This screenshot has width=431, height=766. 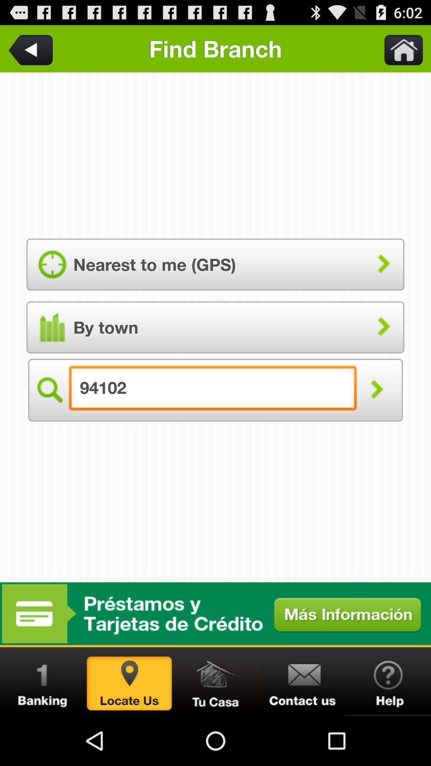 I want to click on open contact us page, so click(x=302, y=681).